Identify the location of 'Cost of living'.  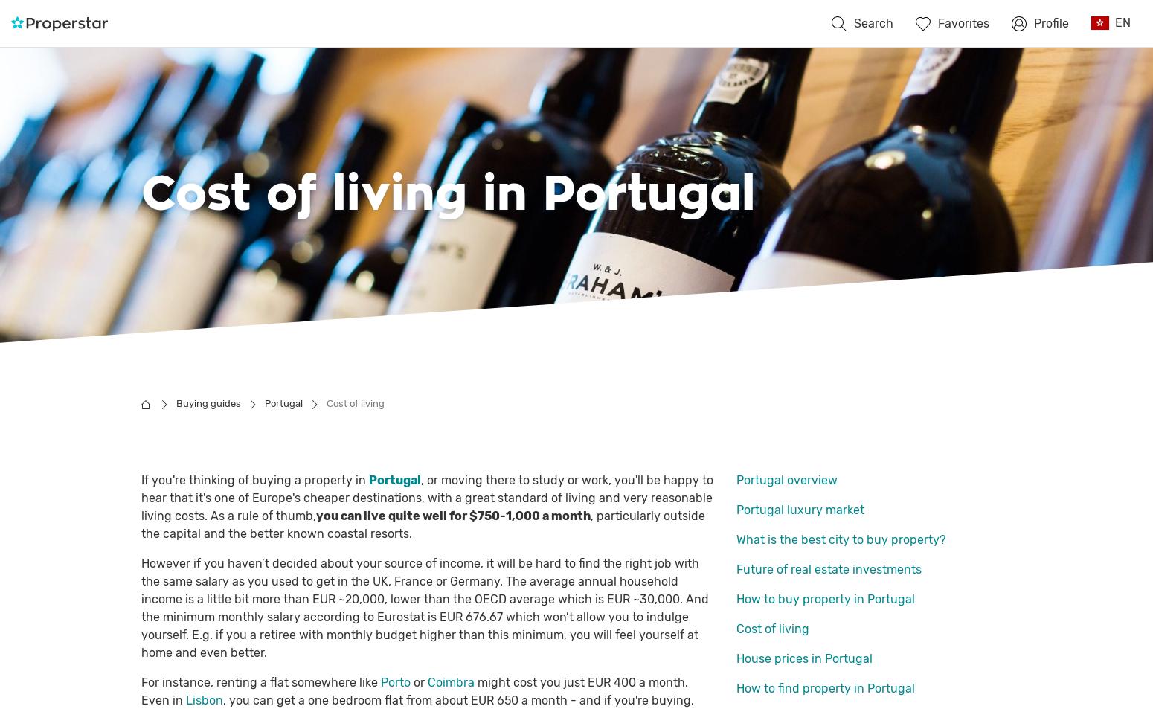
(772, 629).